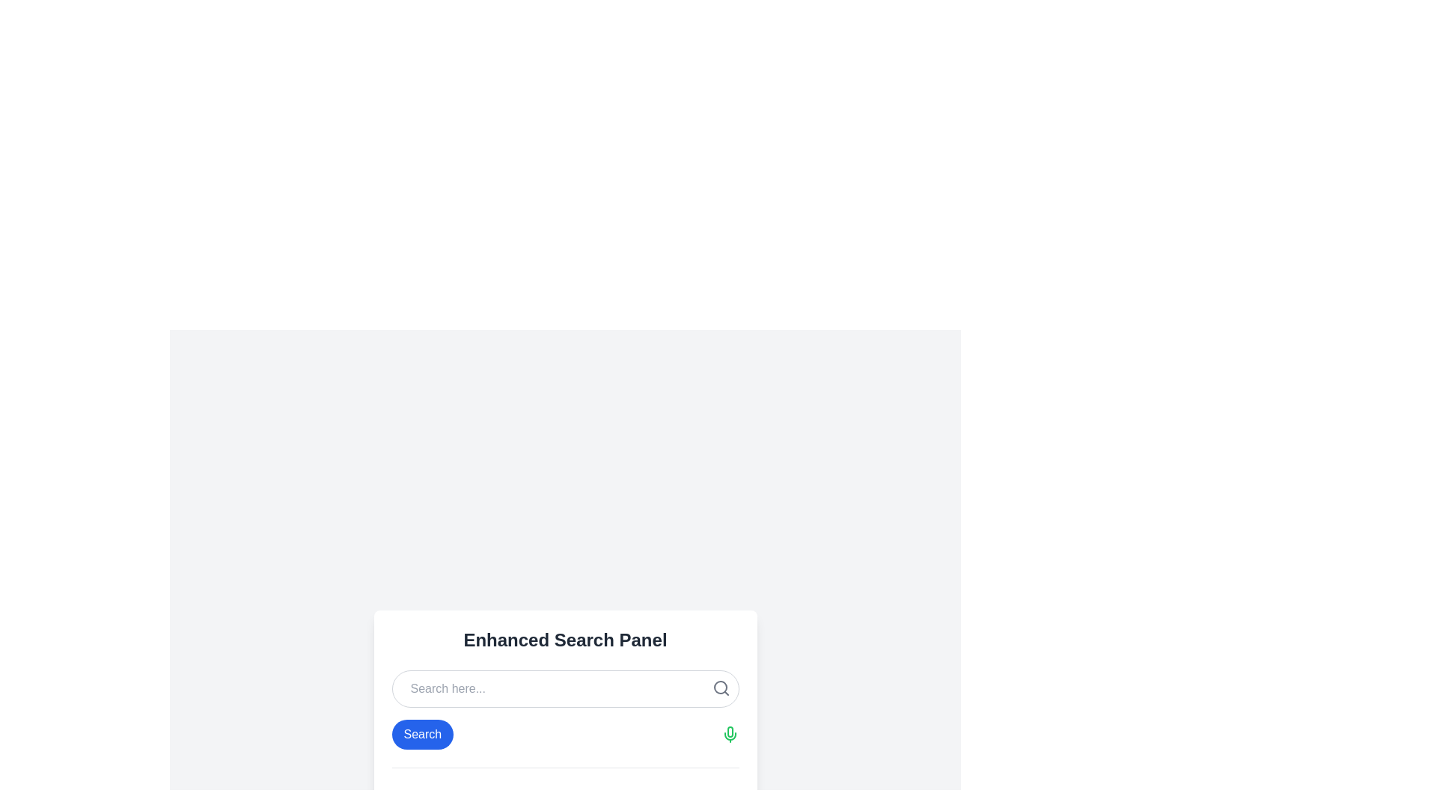 The height and width of the screenshot is (808, 1437). What do you see at coordinates (721, 688) in the screenshot?
I see `the search icon located at the top-right corner of the search input field, adjacent to the placeholder text 'Search here...'` at bounding box center [721, 688].